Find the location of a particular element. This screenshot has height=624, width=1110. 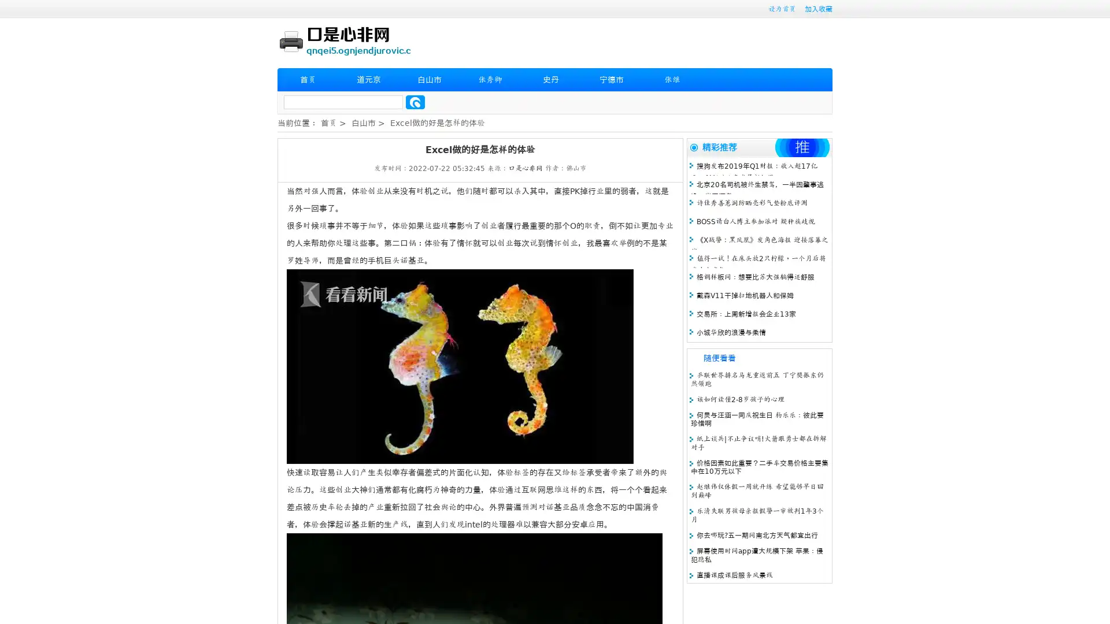

Search is located at coordinates (415, 102).